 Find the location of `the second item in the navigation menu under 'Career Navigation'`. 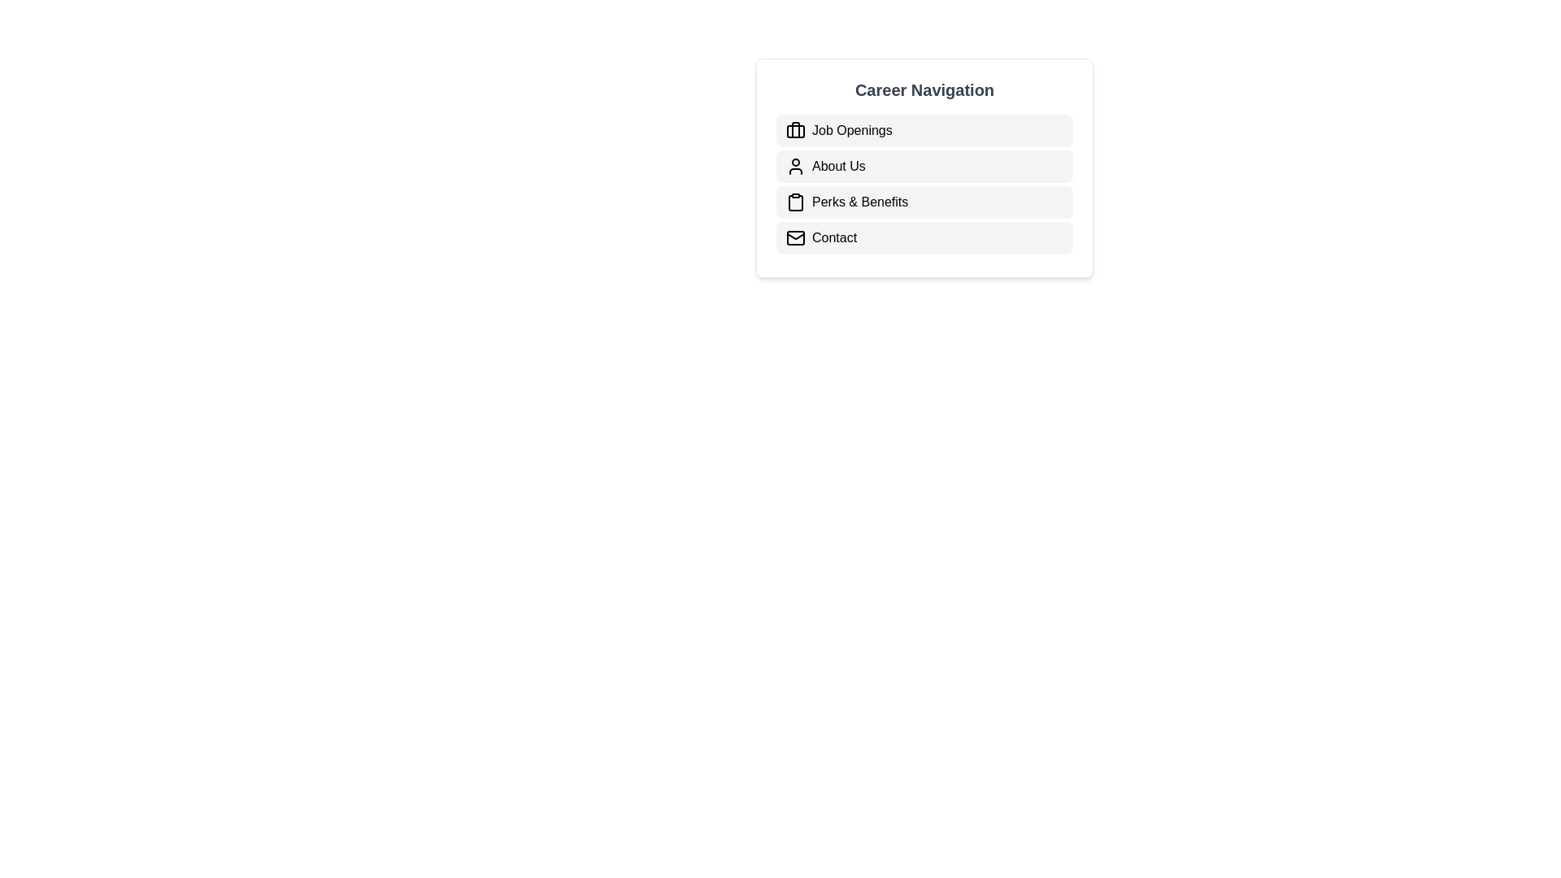

the second item in the navigation menu under 'Career Navigation' is located at coordinates (924, 166).